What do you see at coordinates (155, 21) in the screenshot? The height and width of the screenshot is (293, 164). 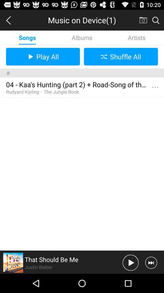 I see `the search icon` at bounding box center [155, 21].